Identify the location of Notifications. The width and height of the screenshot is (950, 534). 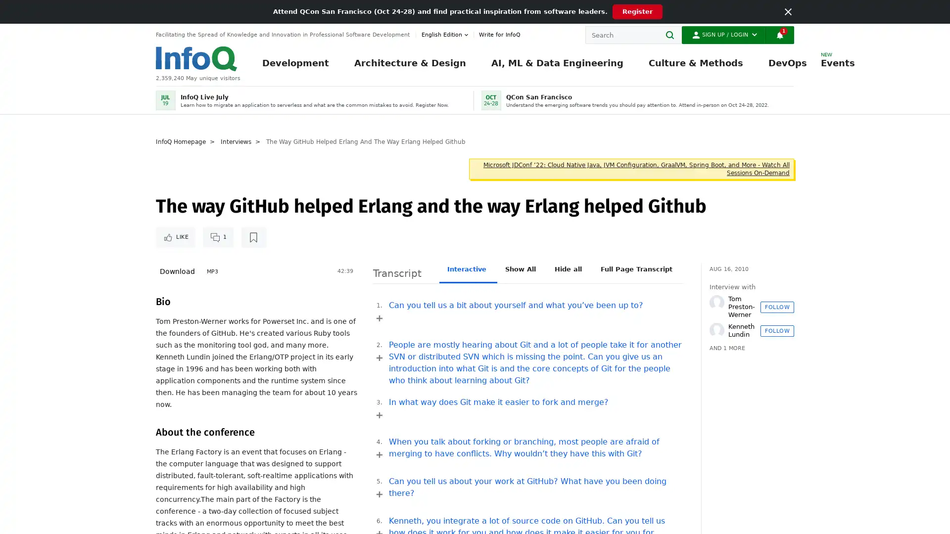
(779, 34).